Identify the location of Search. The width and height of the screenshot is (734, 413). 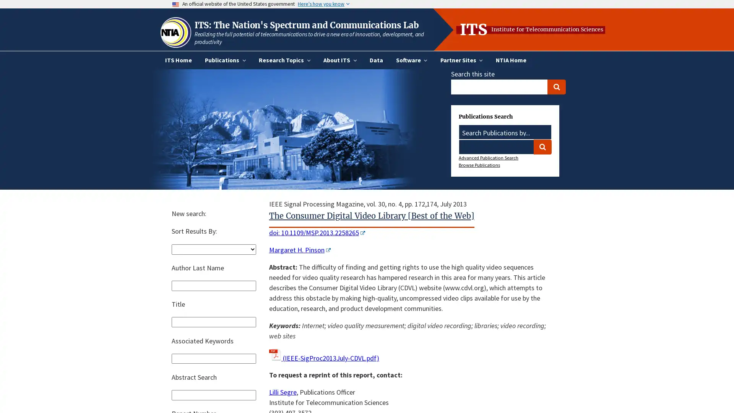
(542, 147).